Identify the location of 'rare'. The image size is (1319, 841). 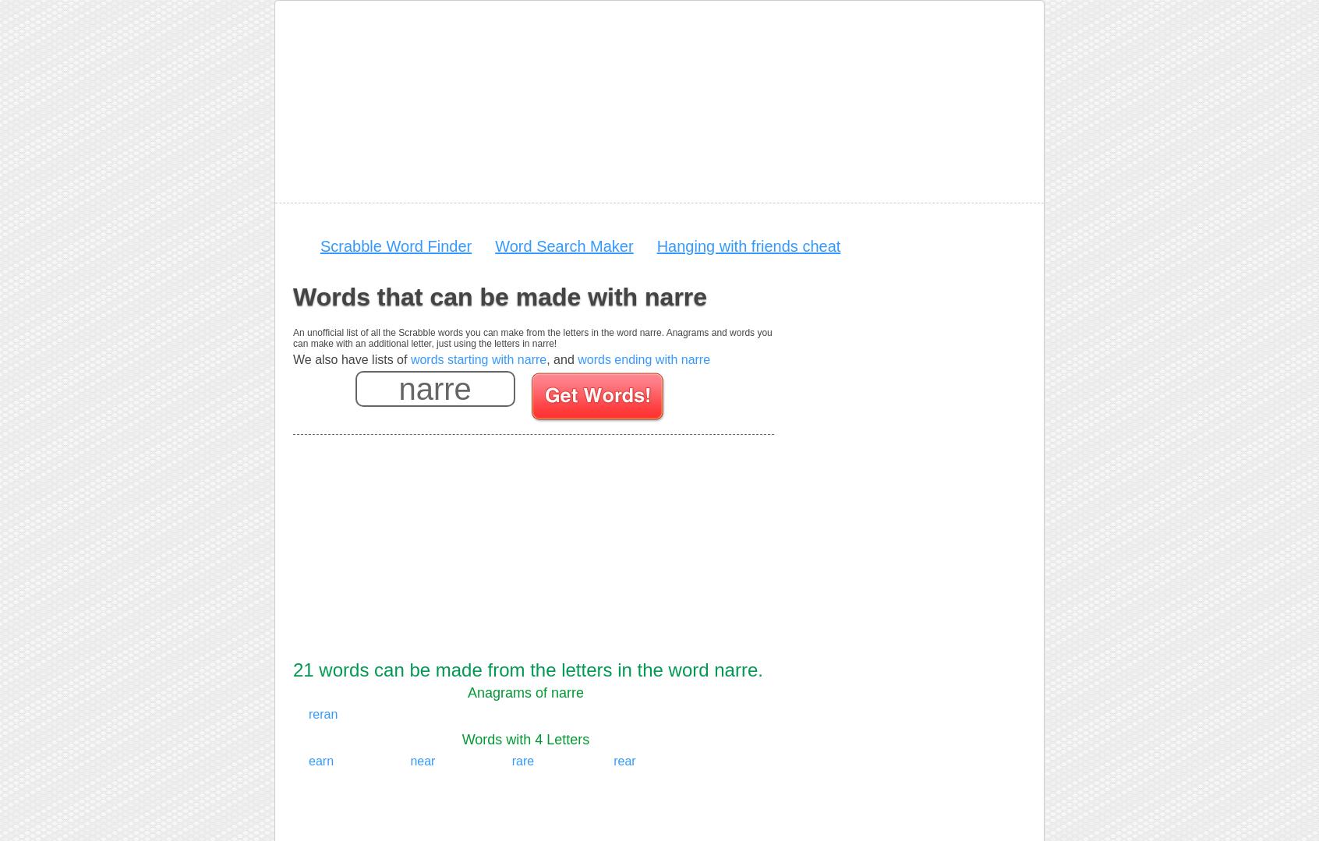
(522, 760).